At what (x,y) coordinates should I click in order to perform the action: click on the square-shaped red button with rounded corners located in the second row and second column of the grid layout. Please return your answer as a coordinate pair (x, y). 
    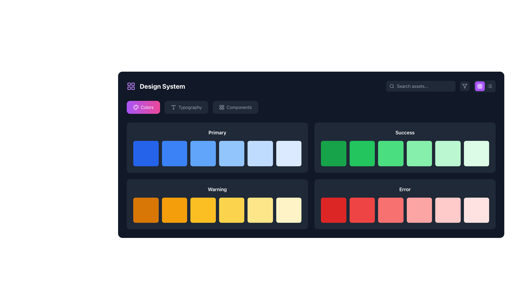
    Looking at the image, I should click on (362, 210).